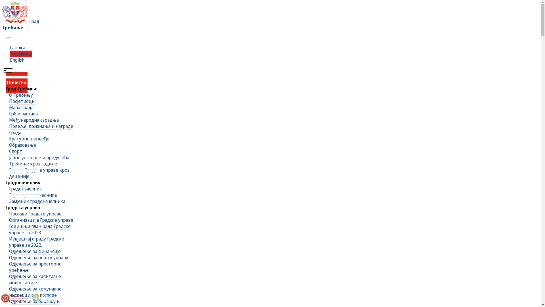  I want to click on 'English', so click(17, 60).